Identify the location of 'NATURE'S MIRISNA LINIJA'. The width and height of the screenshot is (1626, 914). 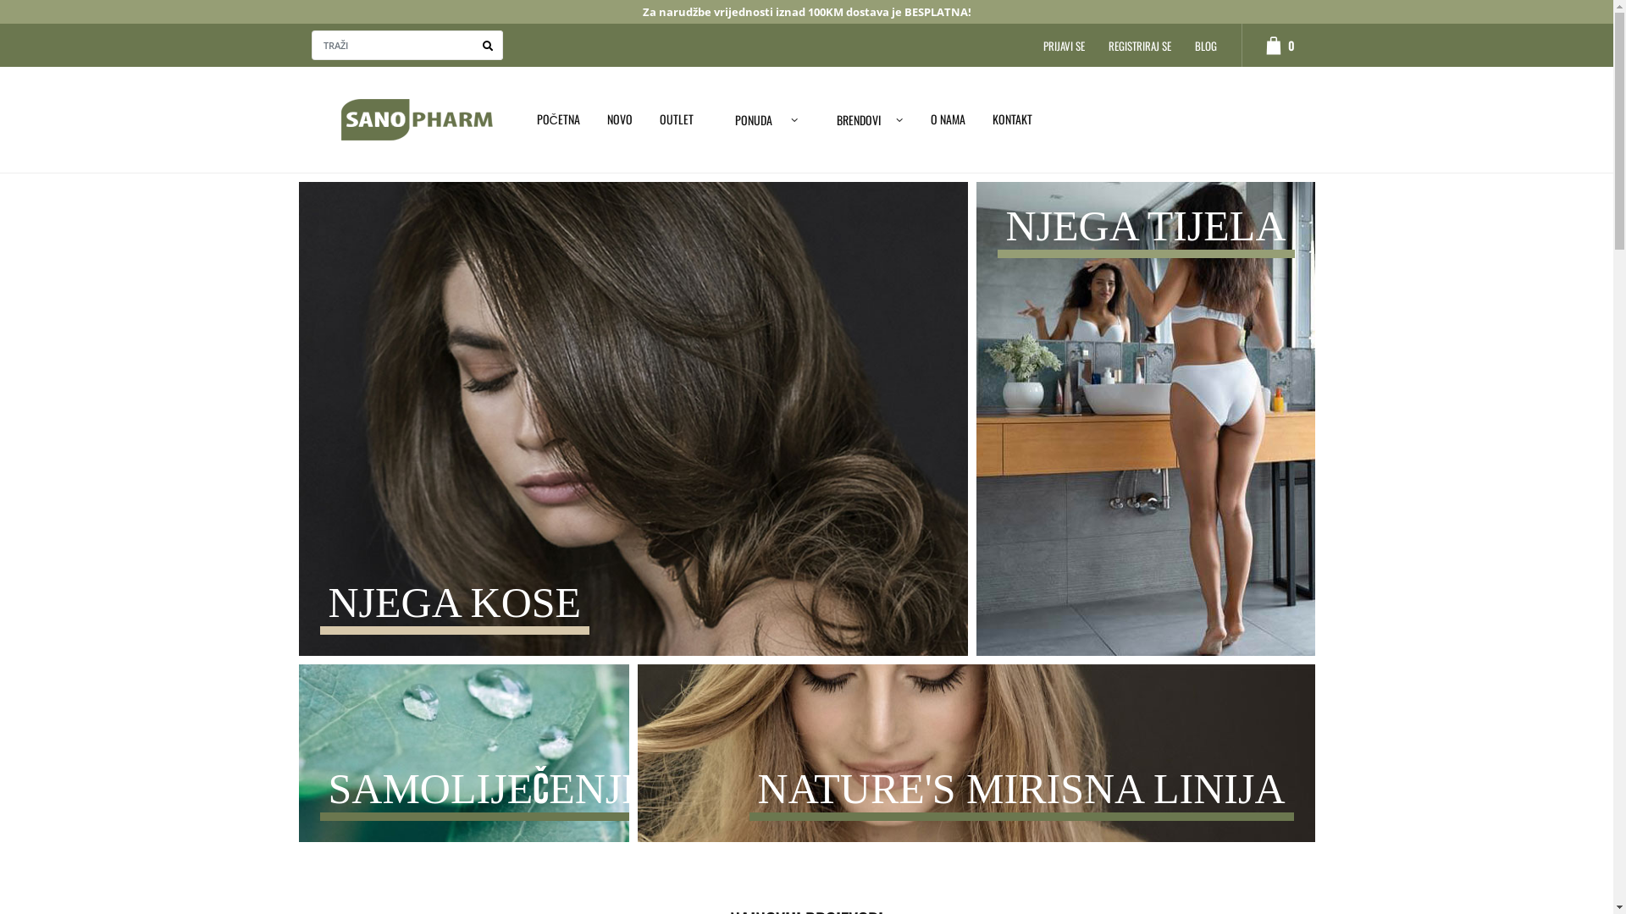
(636, 766).